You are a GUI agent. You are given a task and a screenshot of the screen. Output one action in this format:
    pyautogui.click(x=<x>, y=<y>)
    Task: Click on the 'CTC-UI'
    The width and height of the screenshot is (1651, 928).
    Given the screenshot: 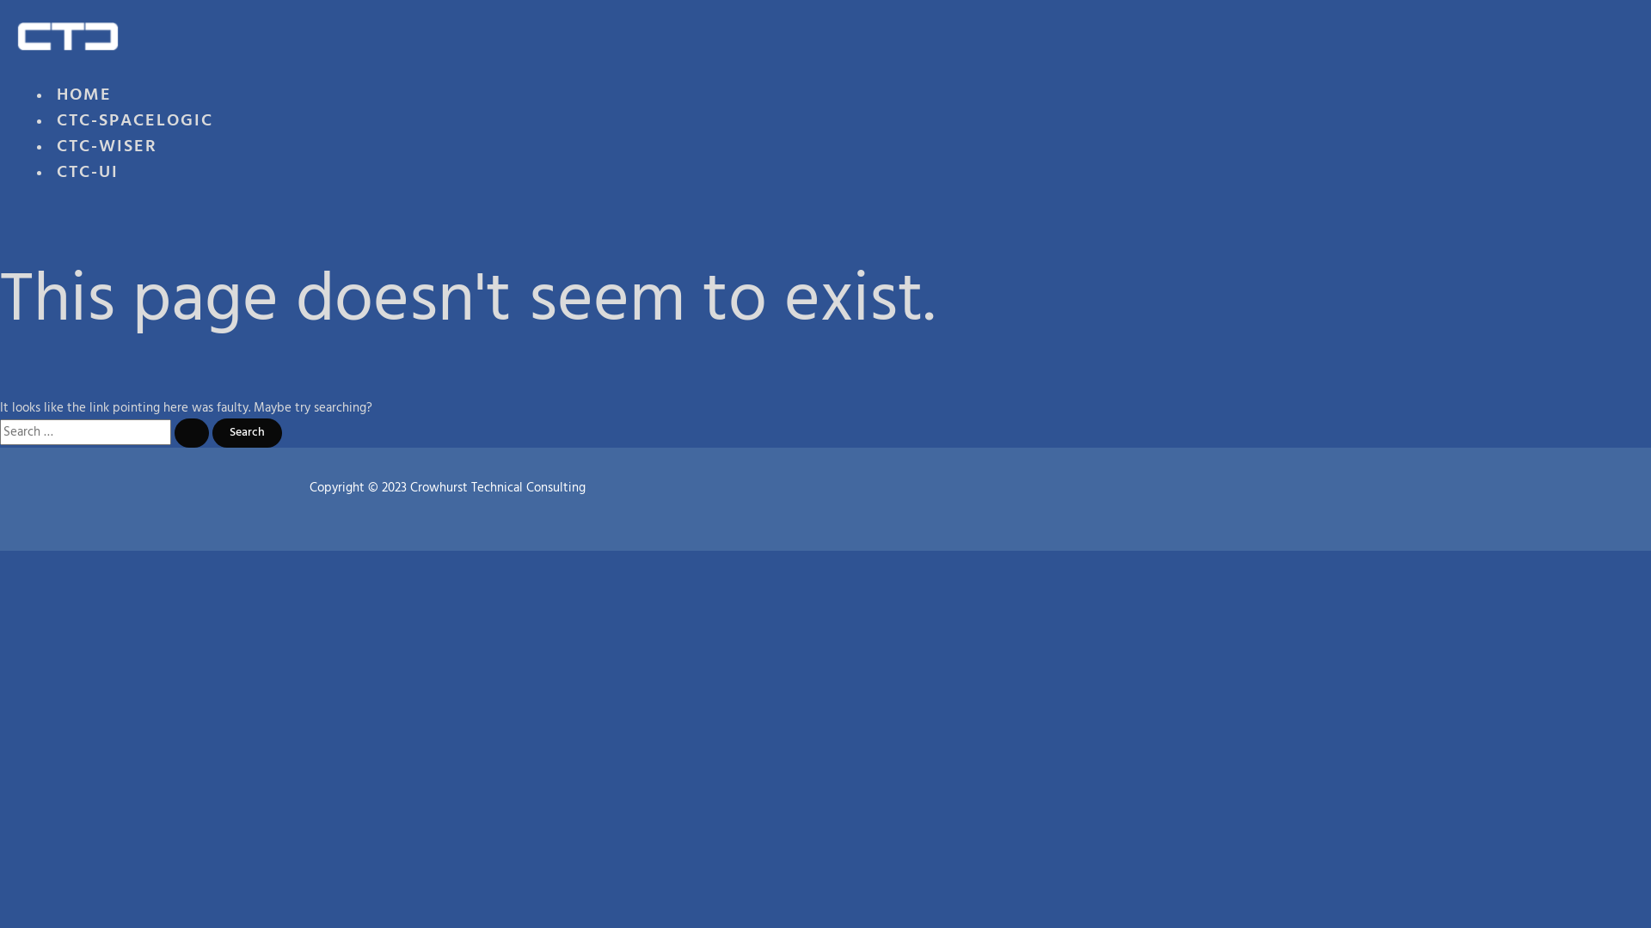 What is the action you would take?
    pyautogui.click(x=51, y=179)
    